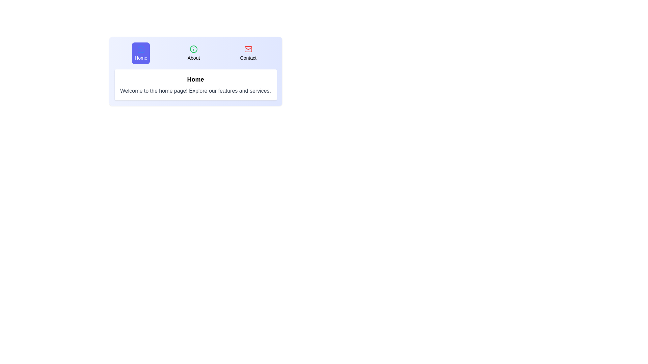 The width and height of the screenshot is (648, 364). I want to click on the content area and read the displayed text, so click(195, 84).